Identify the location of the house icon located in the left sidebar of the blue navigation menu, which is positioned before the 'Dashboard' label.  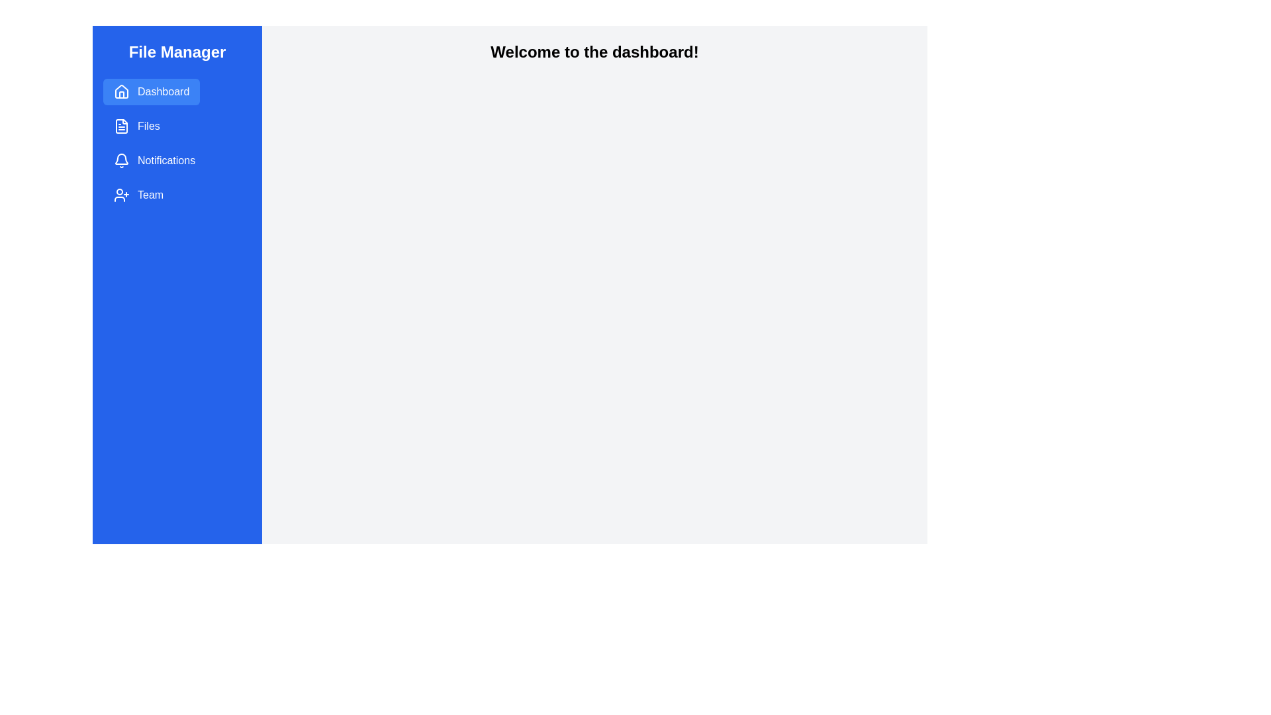
(121, 91).